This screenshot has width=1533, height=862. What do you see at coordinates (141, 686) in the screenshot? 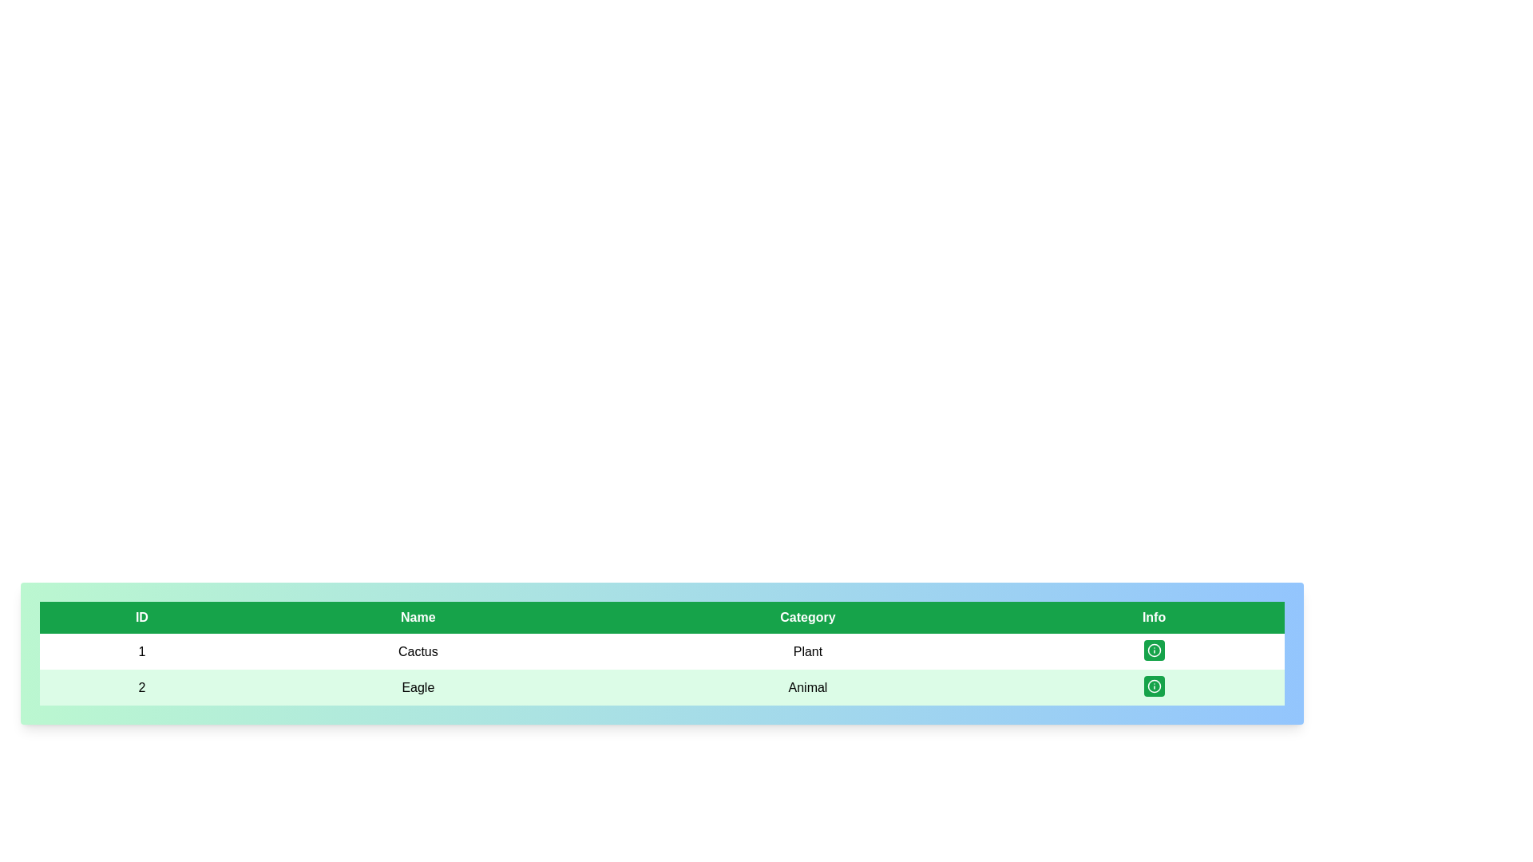
I see `the text display element that shows the numerical identifier for the second row of the table` at bounding box center [141, 686].